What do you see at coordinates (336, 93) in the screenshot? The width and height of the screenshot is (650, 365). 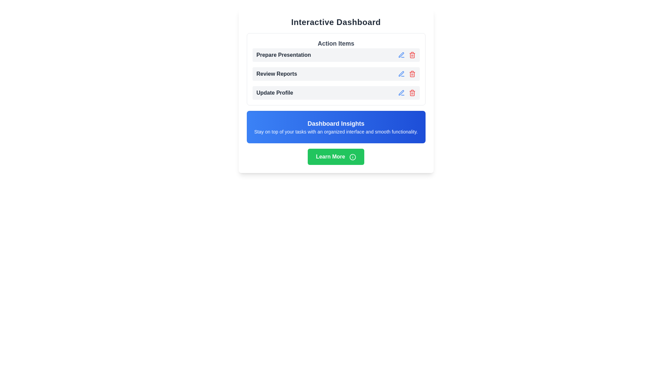 I see `the 'Update Profile' action item in the action list` at bounding box center [336, 93].